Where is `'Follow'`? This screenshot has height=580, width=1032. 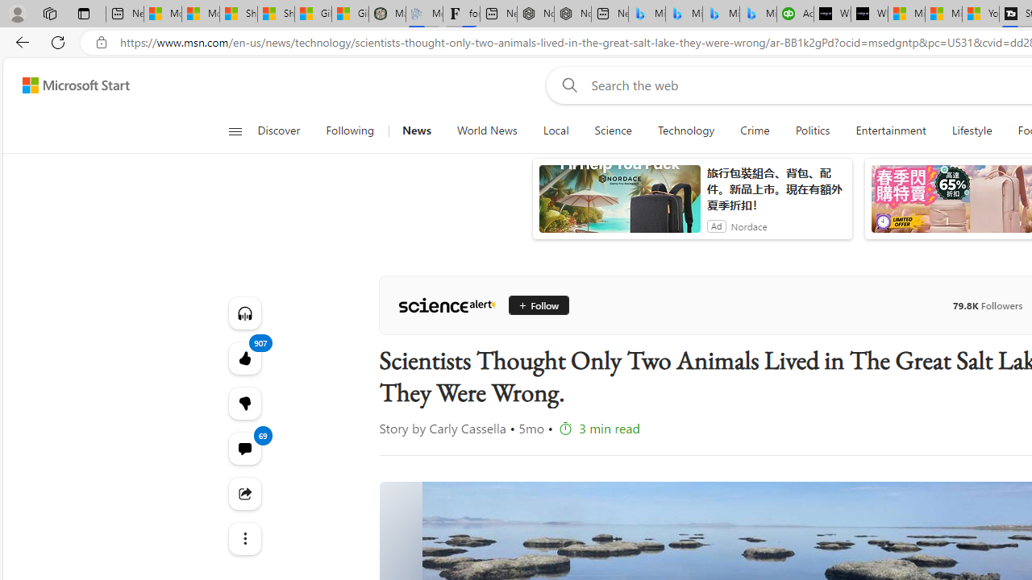 'Follow' is located at coordinates (531, 305).